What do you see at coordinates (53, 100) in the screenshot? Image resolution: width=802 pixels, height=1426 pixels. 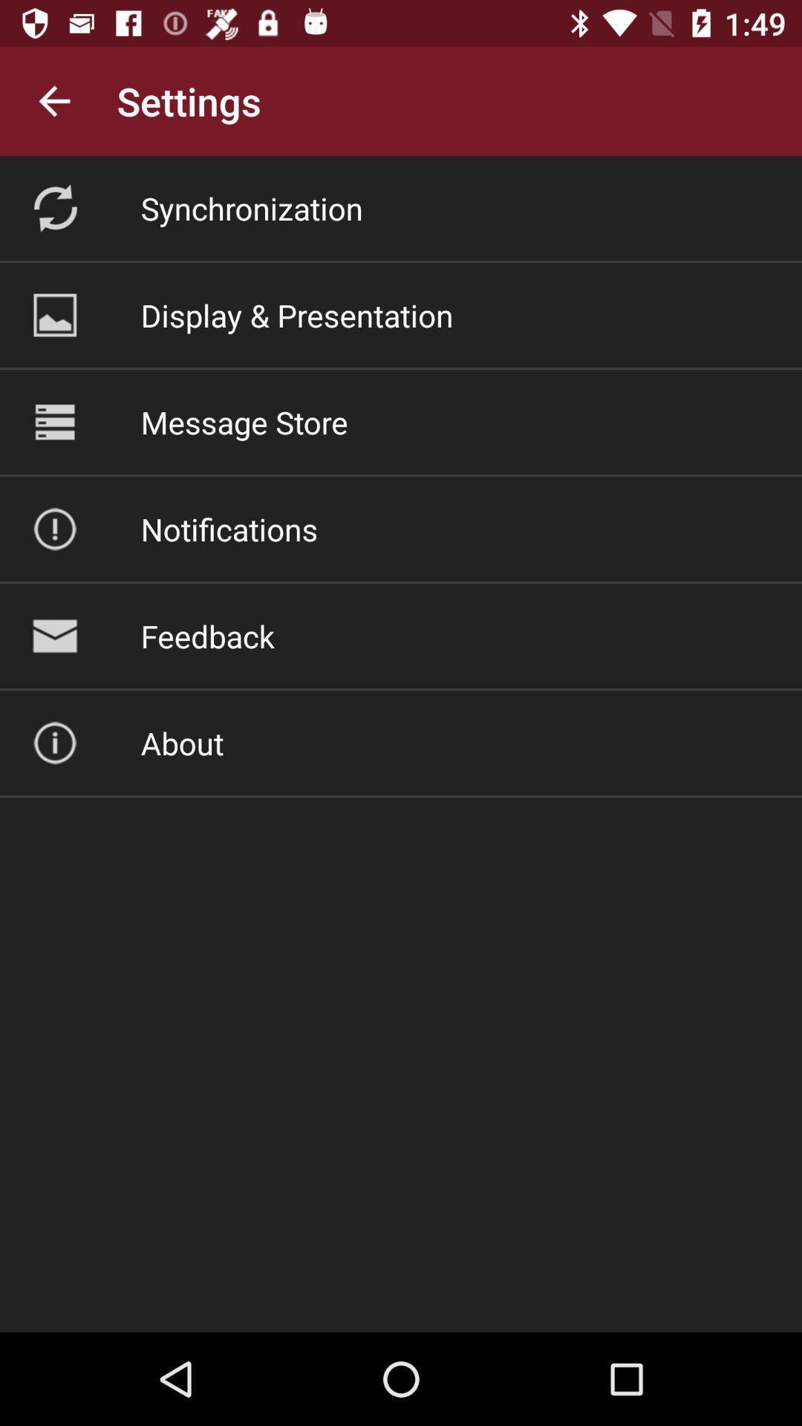 I see `app next to settings icon` at bounding box center [53, 100].